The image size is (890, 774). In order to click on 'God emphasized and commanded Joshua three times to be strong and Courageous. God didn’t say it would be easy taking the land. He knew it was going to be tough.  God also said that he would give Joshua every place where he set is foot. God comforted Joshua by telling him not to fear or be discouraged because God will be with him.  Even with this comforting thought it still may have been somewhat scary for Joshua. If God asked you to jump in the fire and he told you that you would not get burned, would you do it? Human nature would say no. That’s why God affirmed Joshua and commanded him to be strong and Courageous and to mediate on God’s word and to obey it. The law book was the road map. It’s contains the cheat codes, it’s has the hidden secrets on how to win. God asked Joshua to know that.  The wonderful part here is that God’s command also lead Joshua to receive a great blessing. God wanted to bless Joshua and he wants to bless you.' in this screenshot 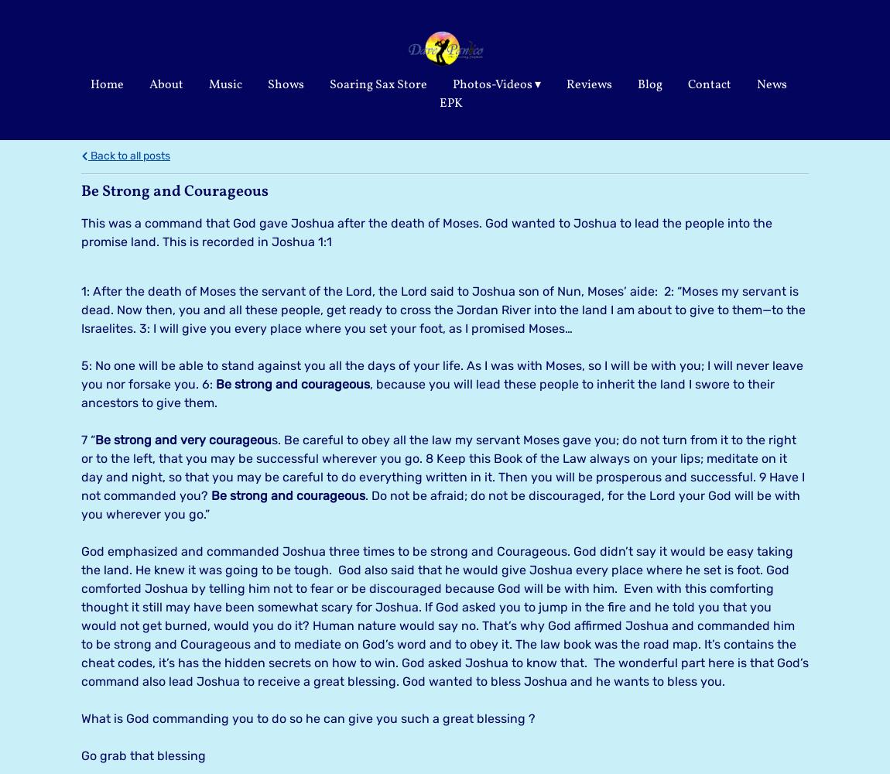, I will do `click(445, 615)`.